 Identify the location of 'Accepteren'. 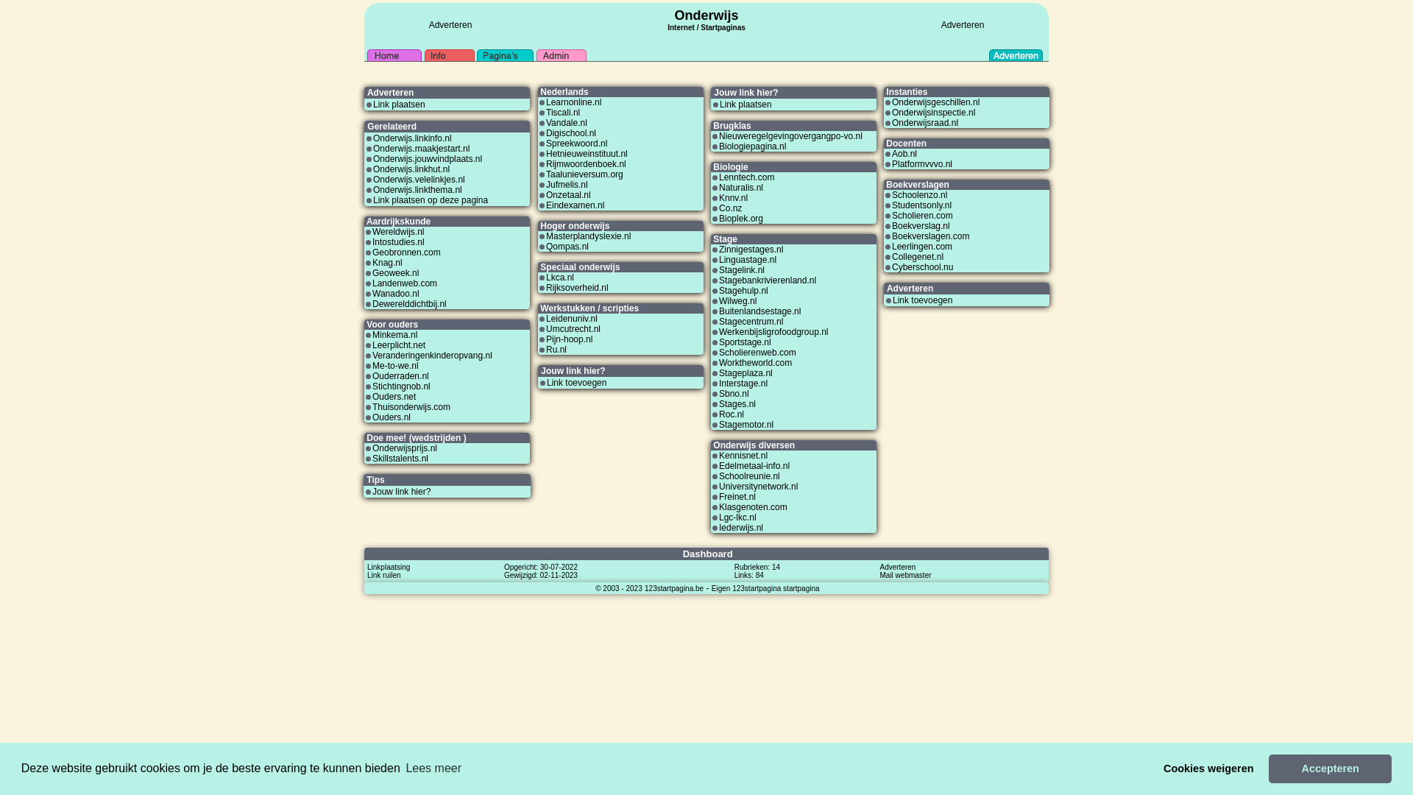
(1267, 768).